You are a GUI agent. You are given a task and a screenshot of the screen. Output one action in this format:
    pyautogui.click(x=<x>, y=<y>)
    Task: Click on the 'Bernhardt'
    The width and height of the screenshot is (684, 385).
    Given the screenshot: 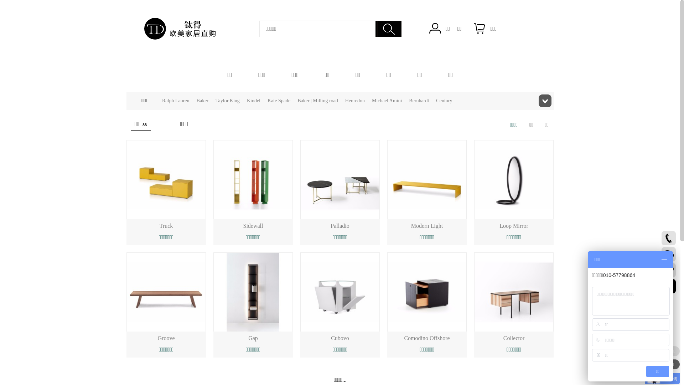 What is the action you would take?
    pyautogui.click(x=419, y=101)
    